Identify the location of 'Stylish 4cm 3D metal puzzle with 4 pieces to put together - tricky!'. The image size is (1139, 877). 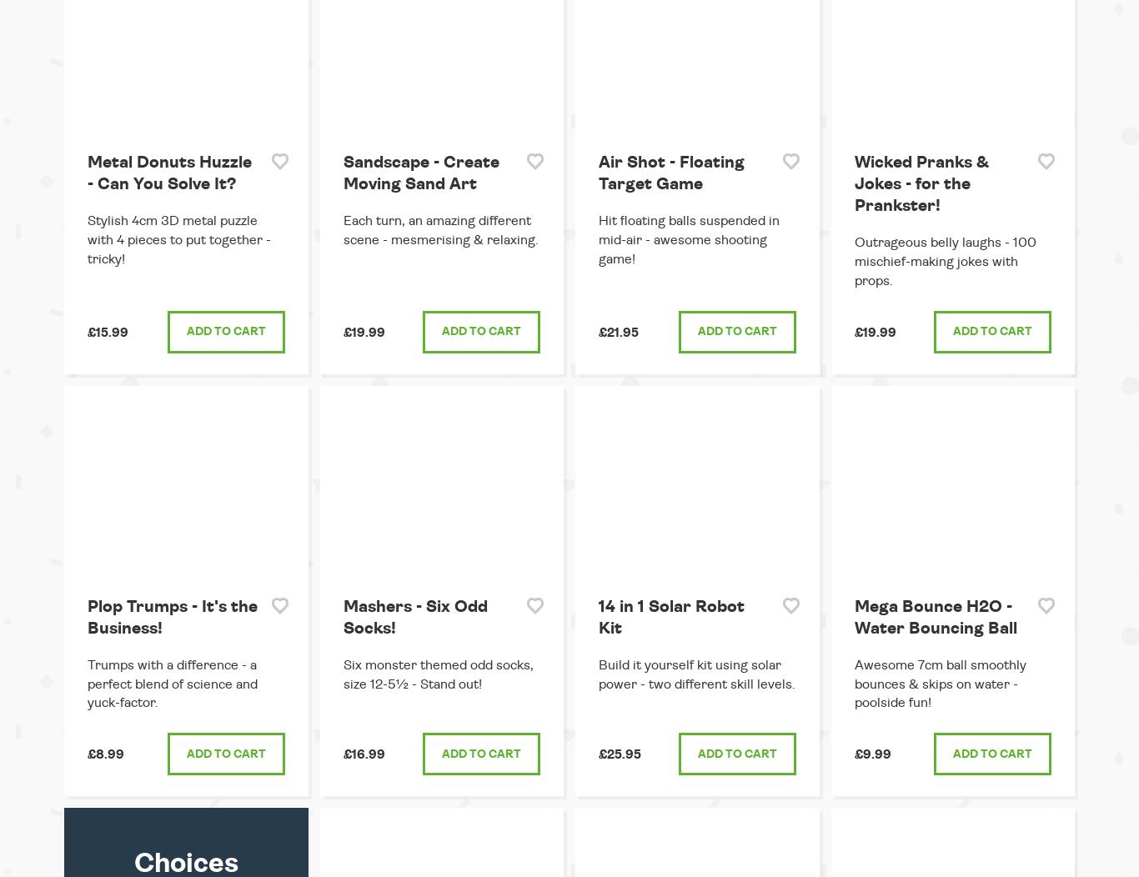
(178, 240).